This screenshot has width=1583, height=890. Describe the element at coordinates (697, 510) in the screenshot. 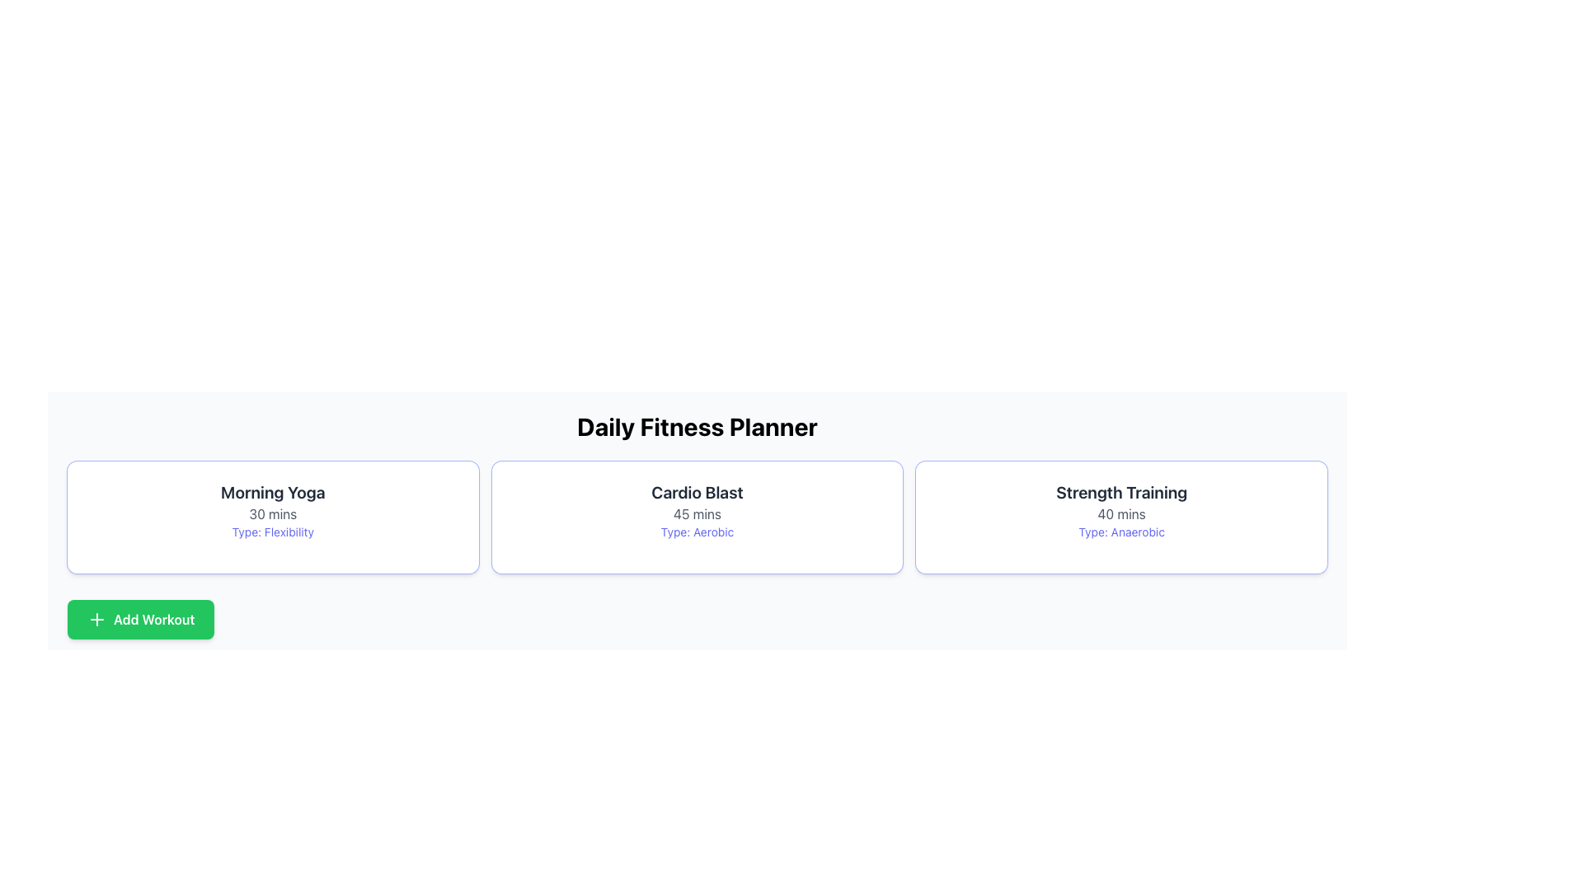

I see `the text block` at that location.